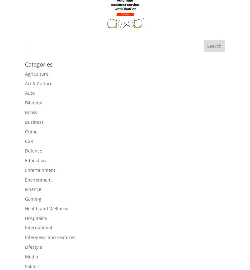 The width and height of the screenshot is (250, 270). Describe the element at coordinates (33, 198) in the screenshot. I see `'Gaming'` at that location.